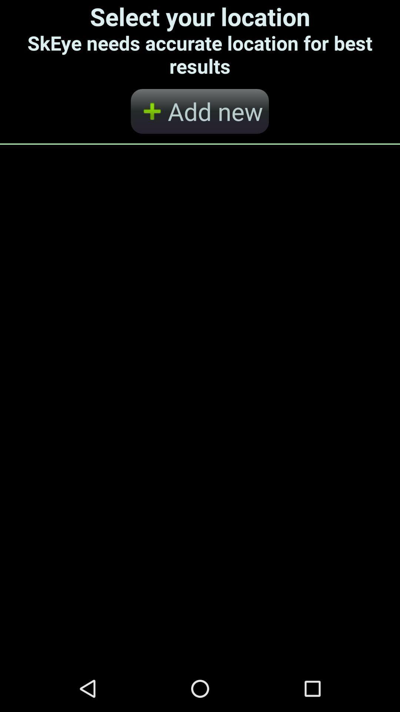 The image size is (400, 712). What do you see at coordinates (199, 111) in the screenshot?
I see `the app below the select your location` at bounding box center [199, 111].